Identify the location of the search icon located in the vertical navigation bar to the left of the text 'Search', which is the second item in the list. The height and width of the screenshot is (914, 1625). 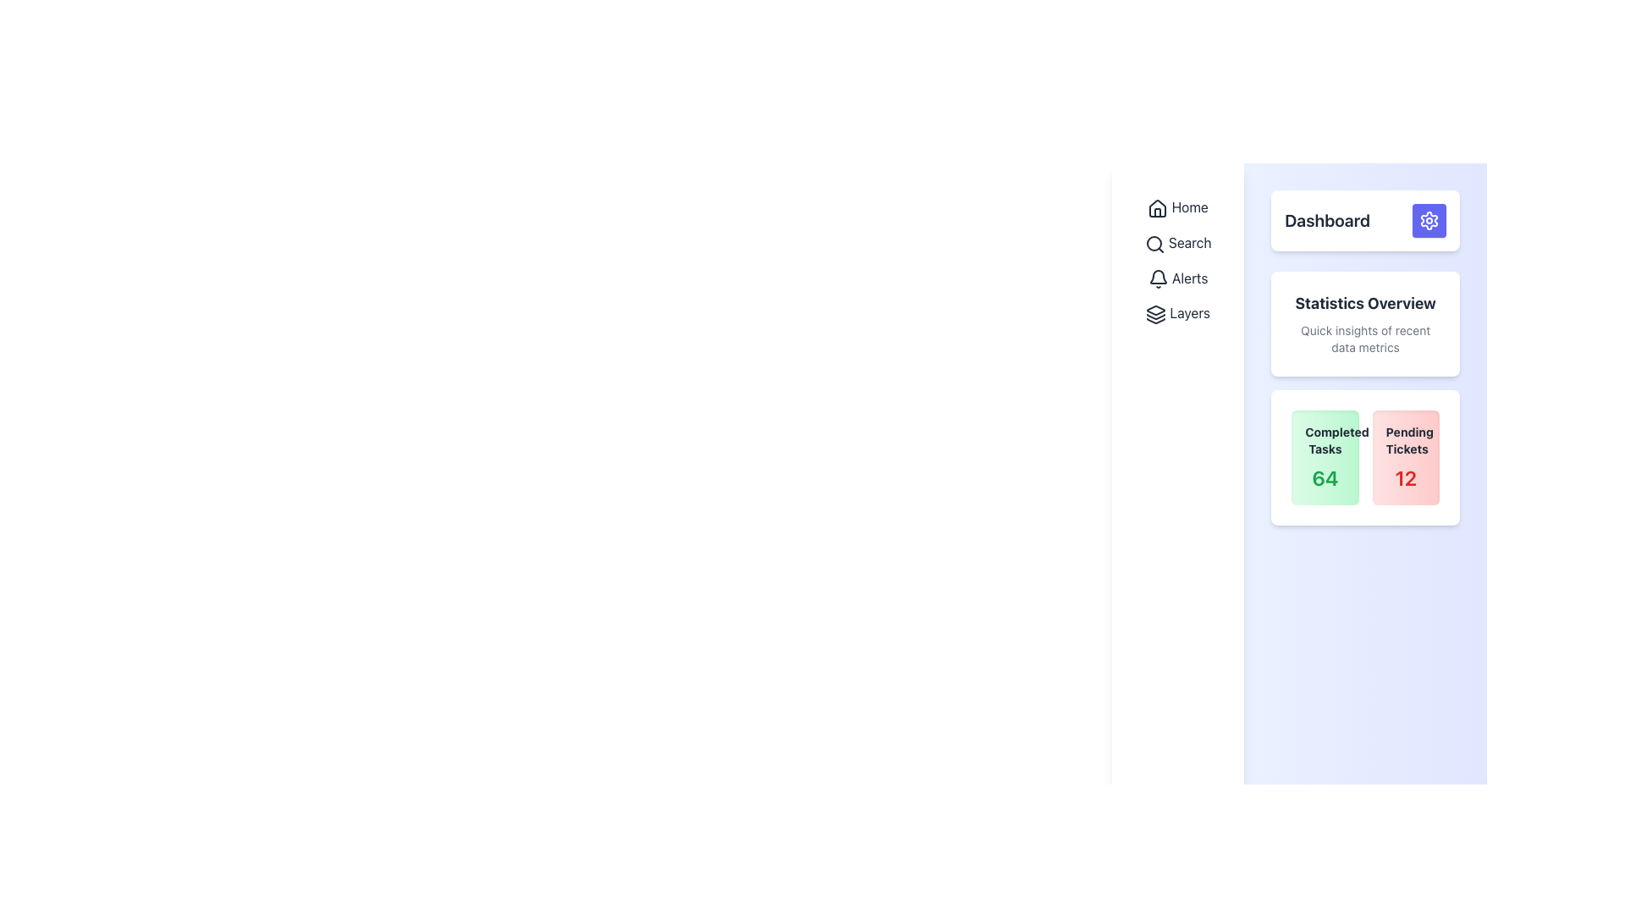
(1154, 244).